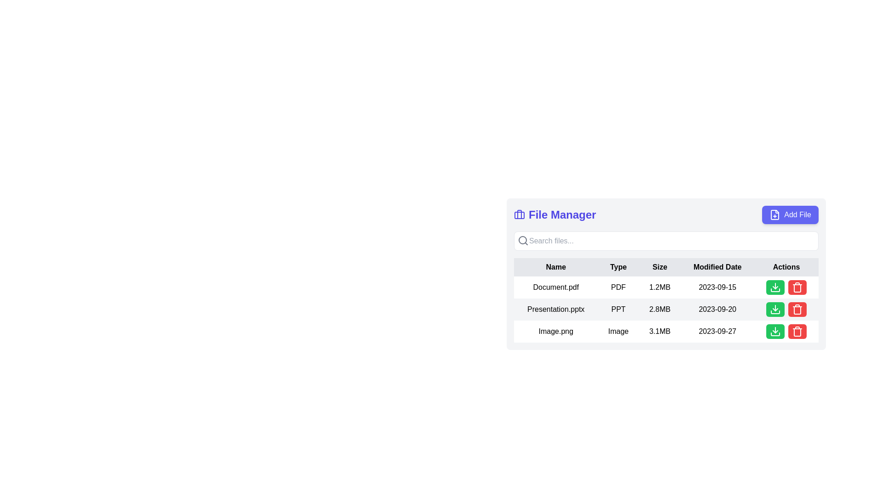  I want to click on the delete button located, so click(797, 331).